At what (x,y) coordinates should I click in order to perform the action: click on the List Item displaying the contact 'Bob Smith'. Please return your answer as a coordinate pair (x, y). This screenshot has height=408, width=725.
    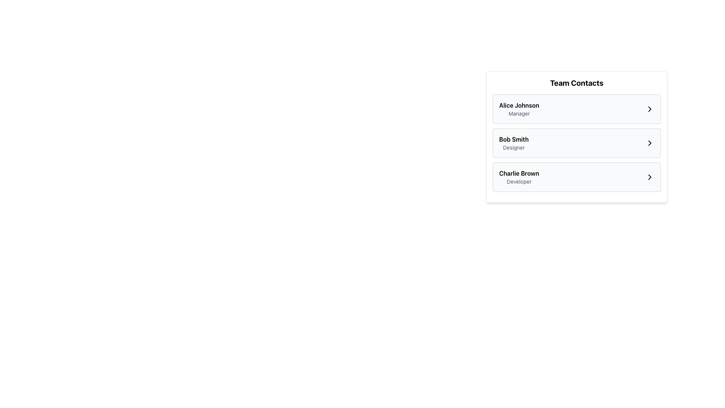
    Looking at the image, I should click on (576, 143).